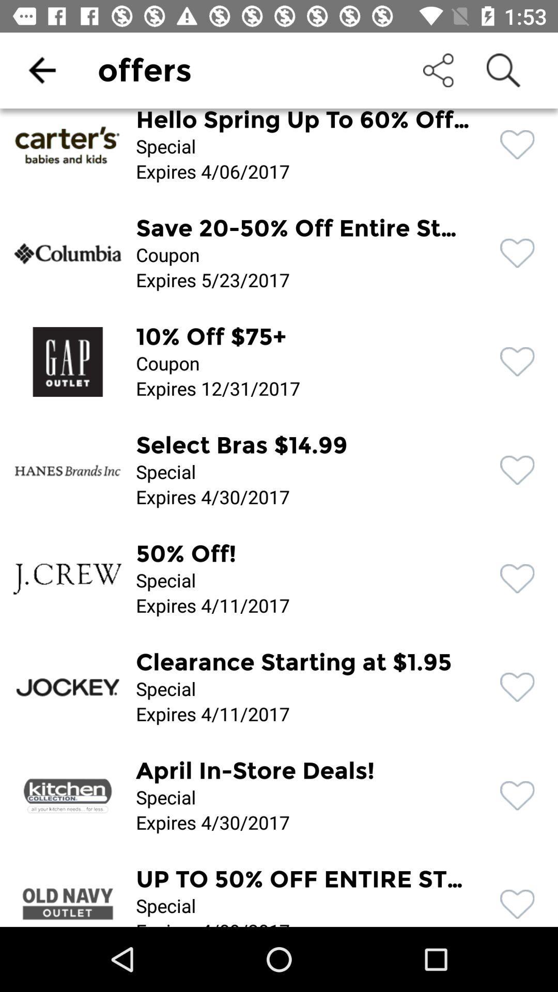  I want to click on the 2nd heart symbol from the last at the bottom of the web page, so click(517, 795).